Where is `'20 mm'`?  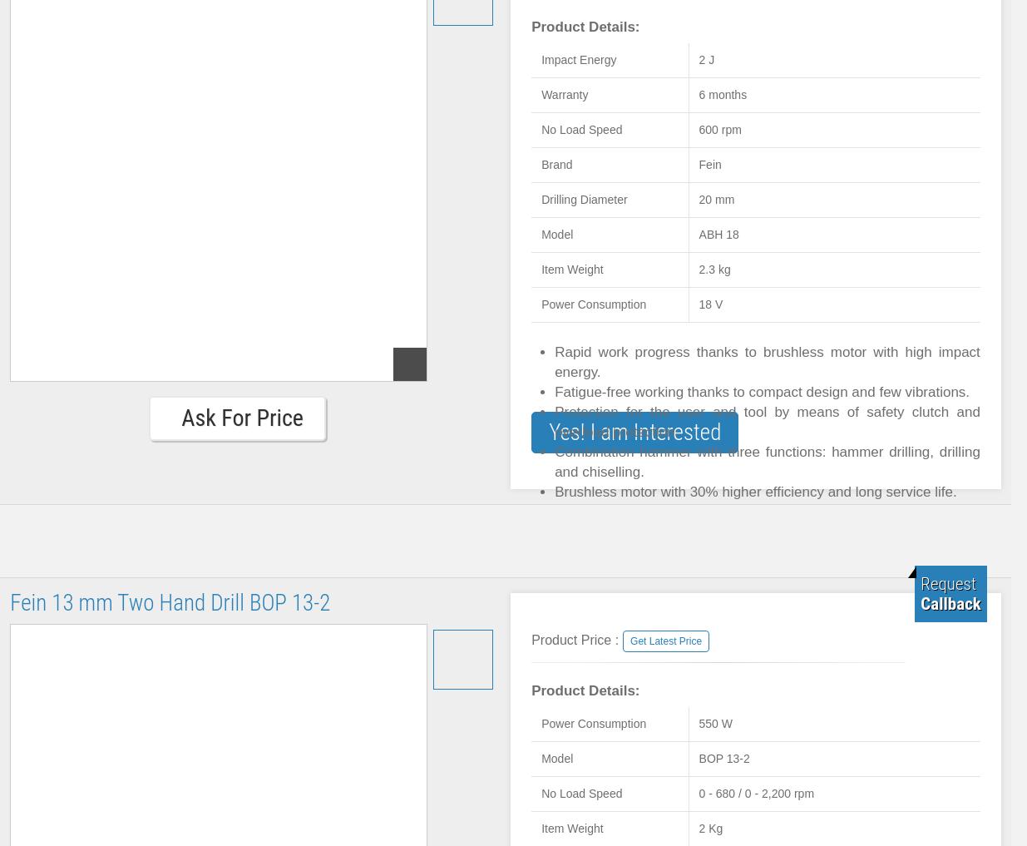
'20 mm' is located at coordinates (715, 199).